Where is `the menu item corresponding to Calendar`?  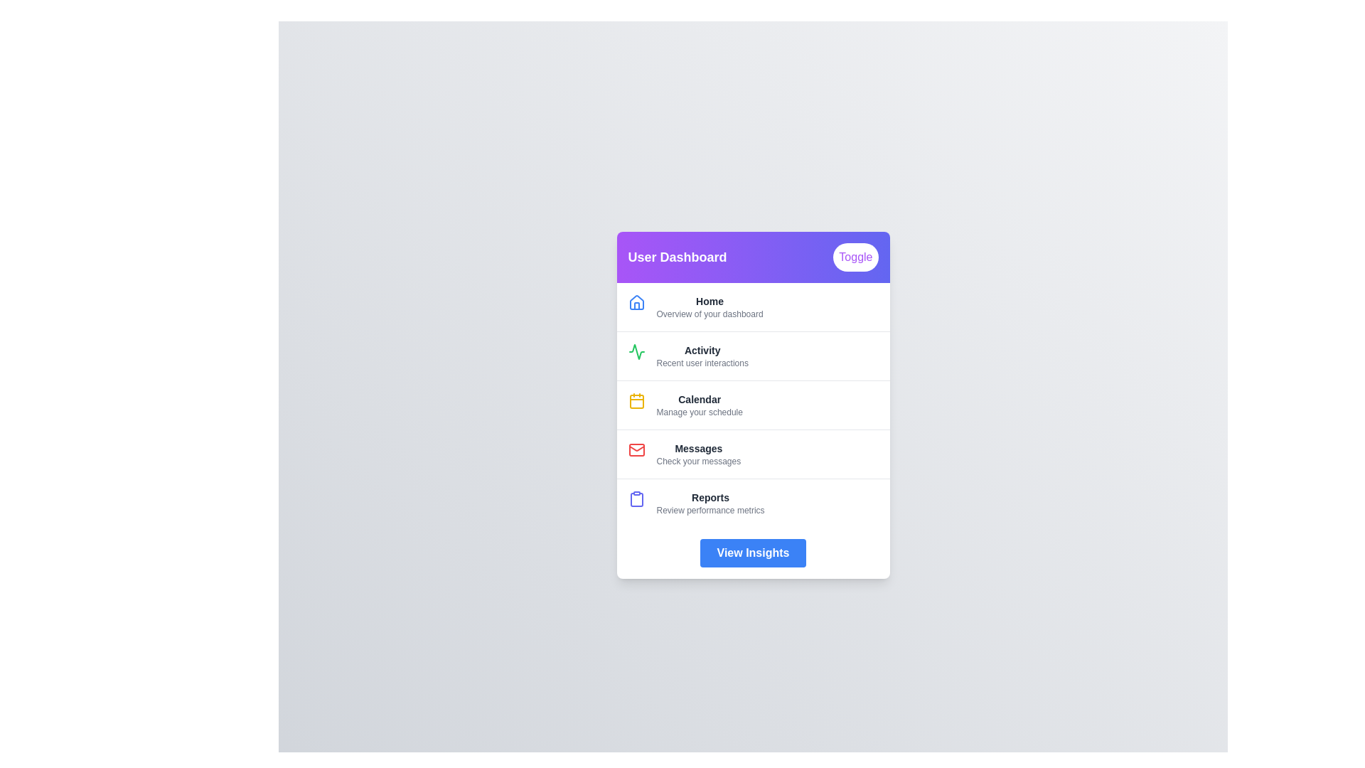
the menu item corresponding to Calendar is located at coordinates (752, 405).